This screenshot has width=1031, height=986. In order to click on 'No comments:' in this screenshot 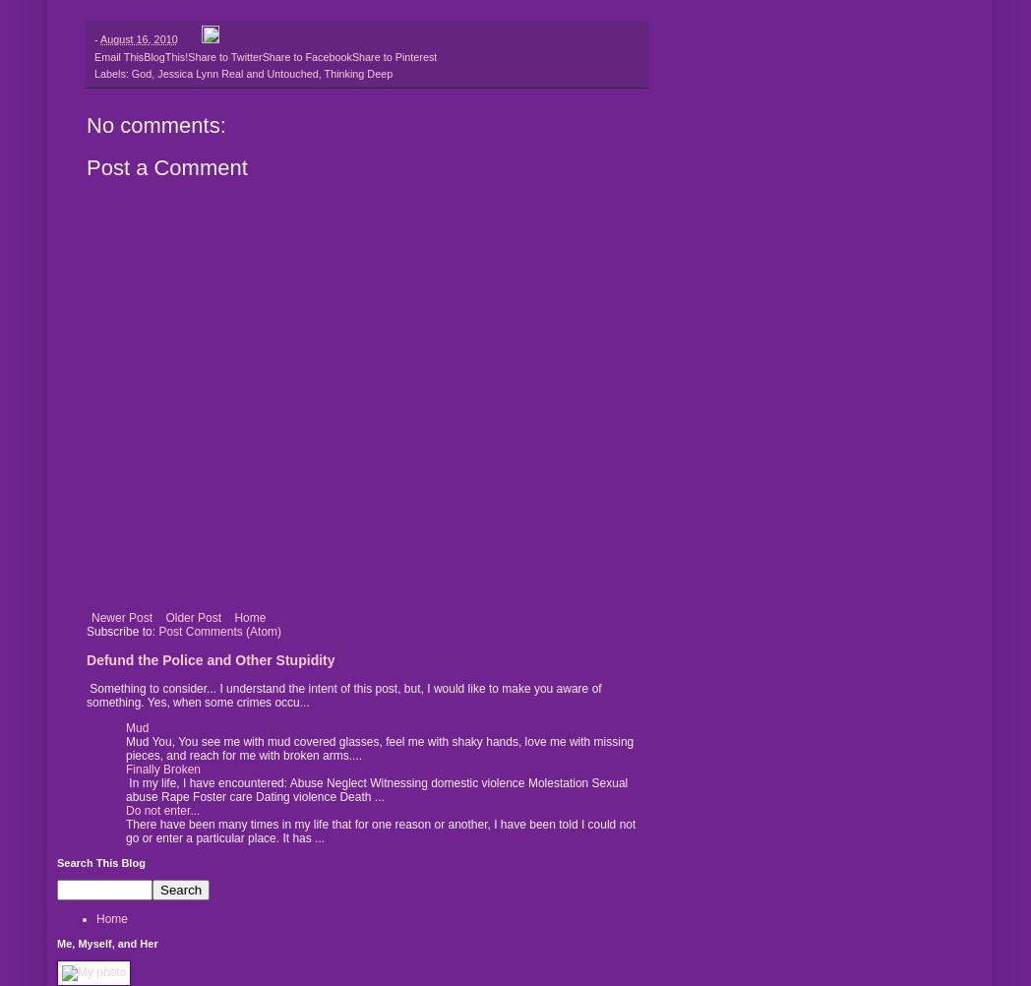, I will do `click(86, 124)`.